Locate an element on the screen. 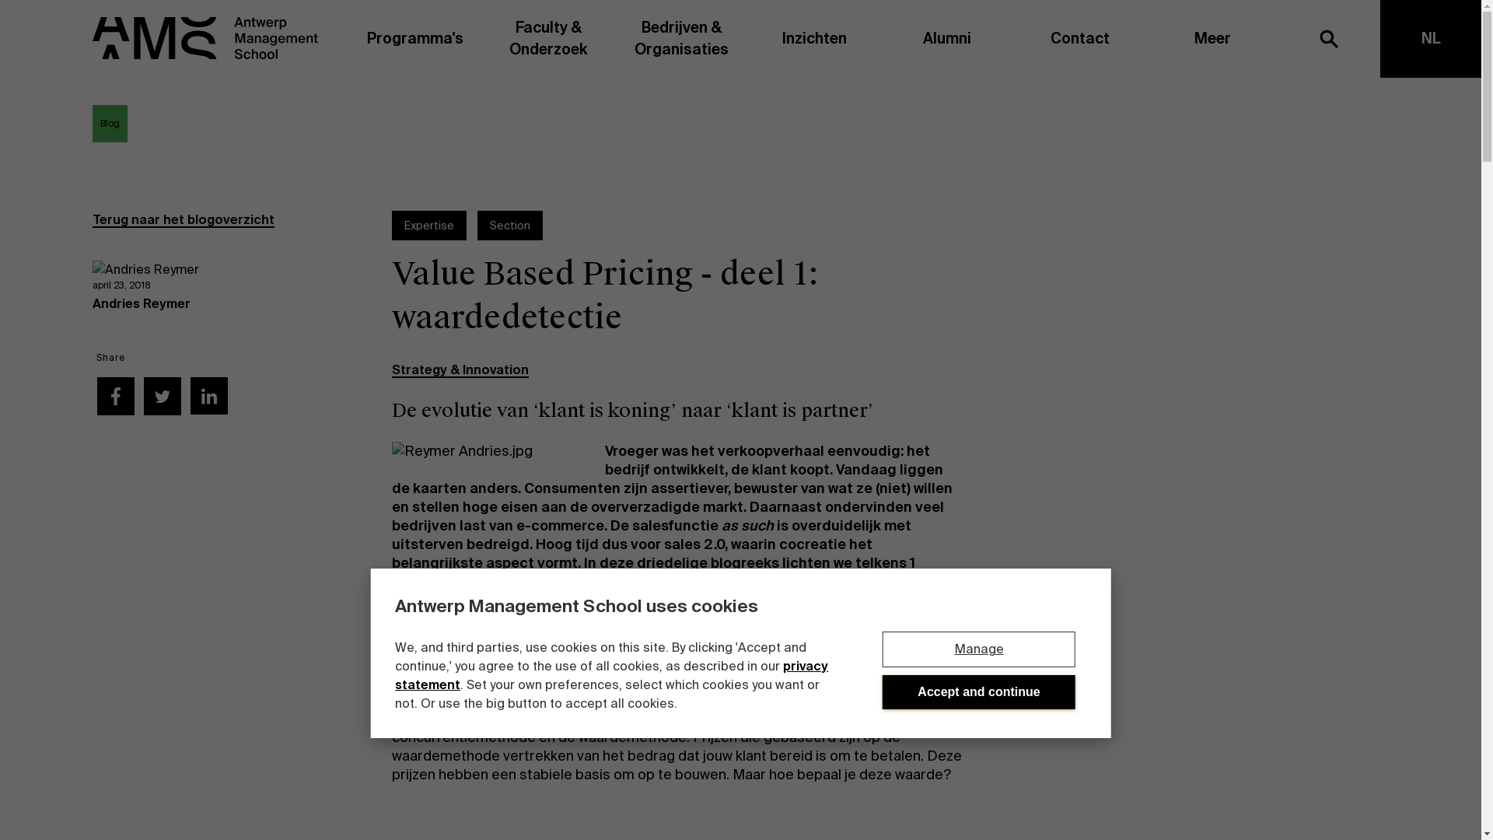 The image size is (1493, 840). 'Strategy & Innovation' is located at coordinates (459, 369).